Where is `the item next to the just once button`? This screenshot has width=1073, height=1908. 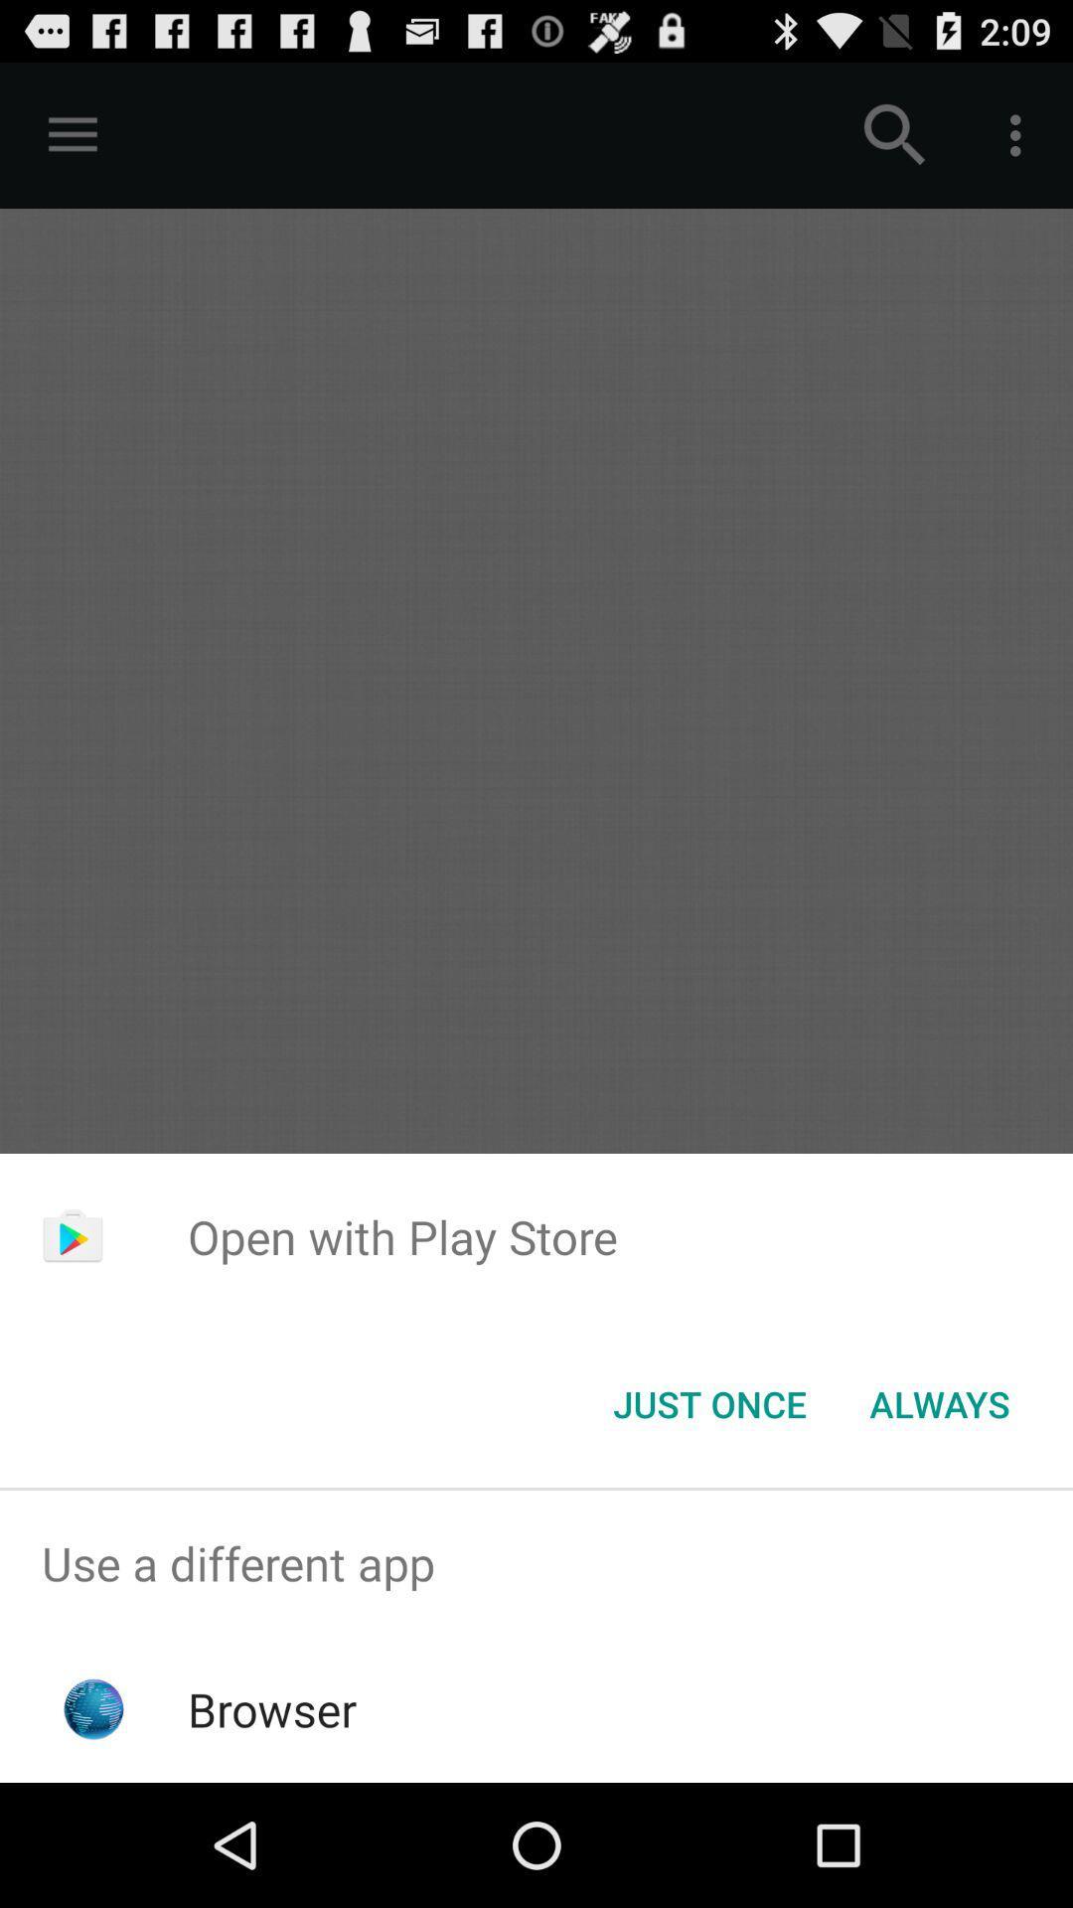
the item next to the just once button is located at coordinates (939, 1402).